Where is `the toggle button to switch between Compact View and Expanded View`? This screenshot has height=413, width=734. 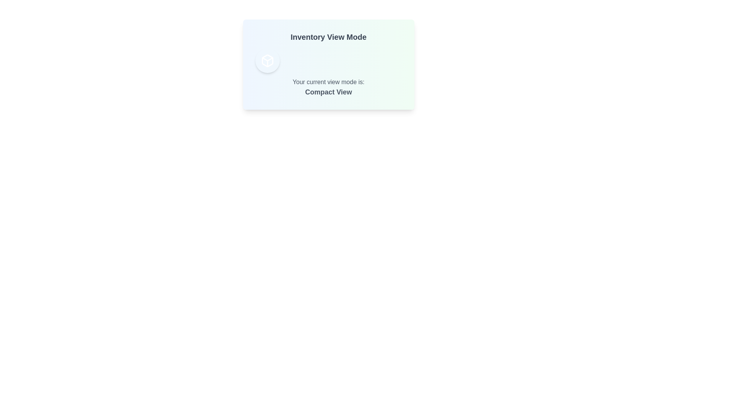 the toggle button to switch between Compact View and Expanded View is located at coordinates (267, 60).